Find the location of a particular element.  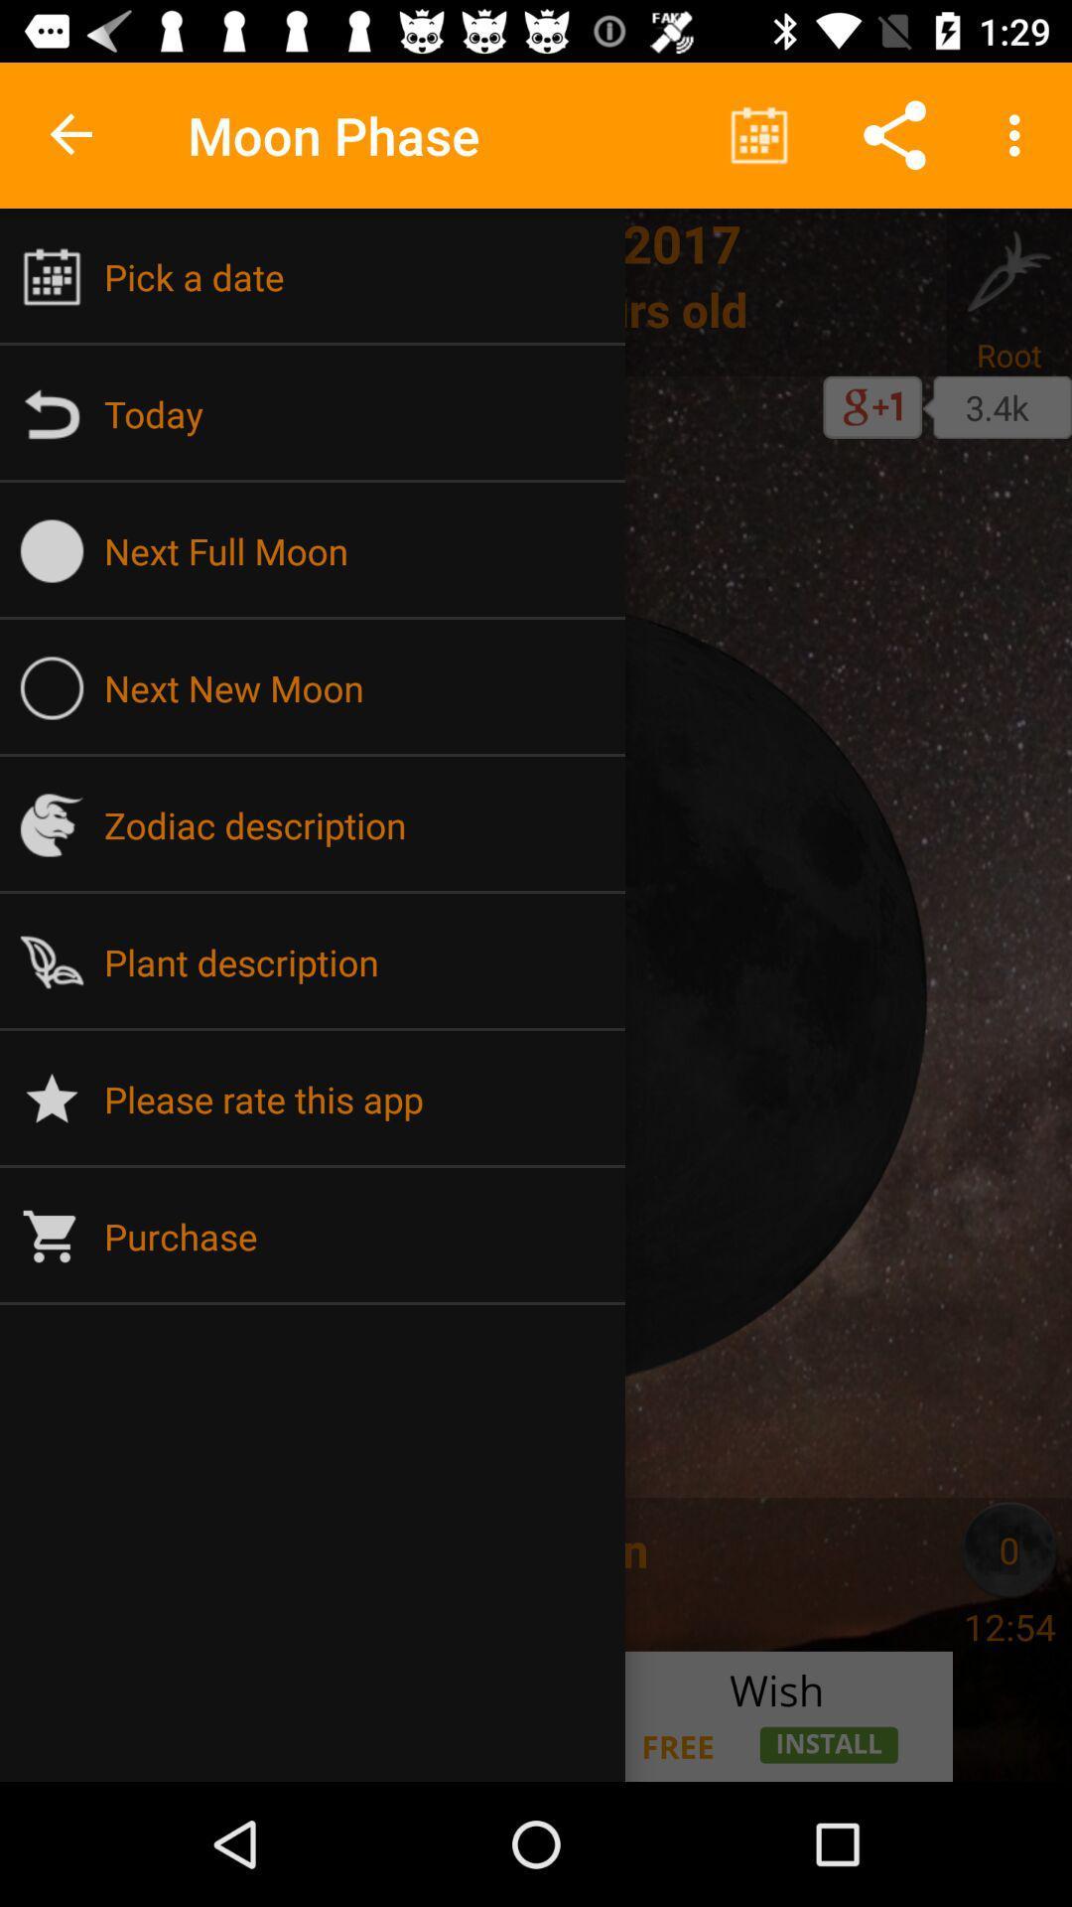

the icon at left side of pick a date is located at coordinates (52, 275).